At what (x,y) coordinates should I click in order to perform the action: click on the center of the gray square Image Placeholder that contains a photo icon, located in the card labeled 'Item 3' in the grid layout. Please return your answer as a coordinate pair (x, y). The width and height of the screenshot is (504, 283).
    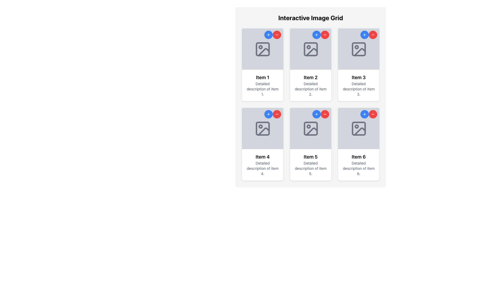
    Looking at the image, I should click on (358, 49).